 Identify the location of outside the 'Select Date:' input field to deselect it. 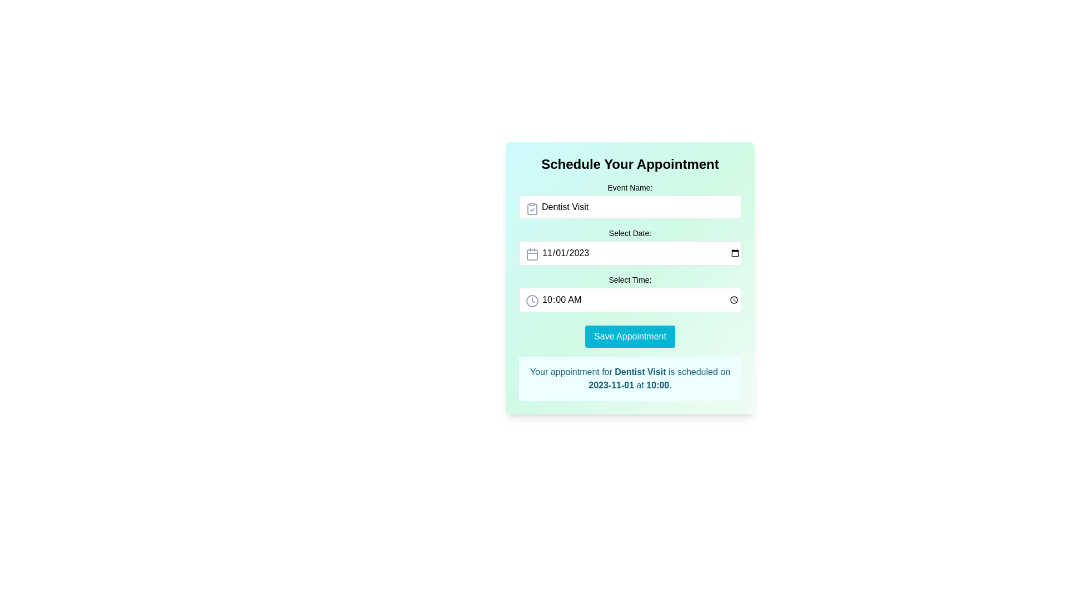
(630, 246).